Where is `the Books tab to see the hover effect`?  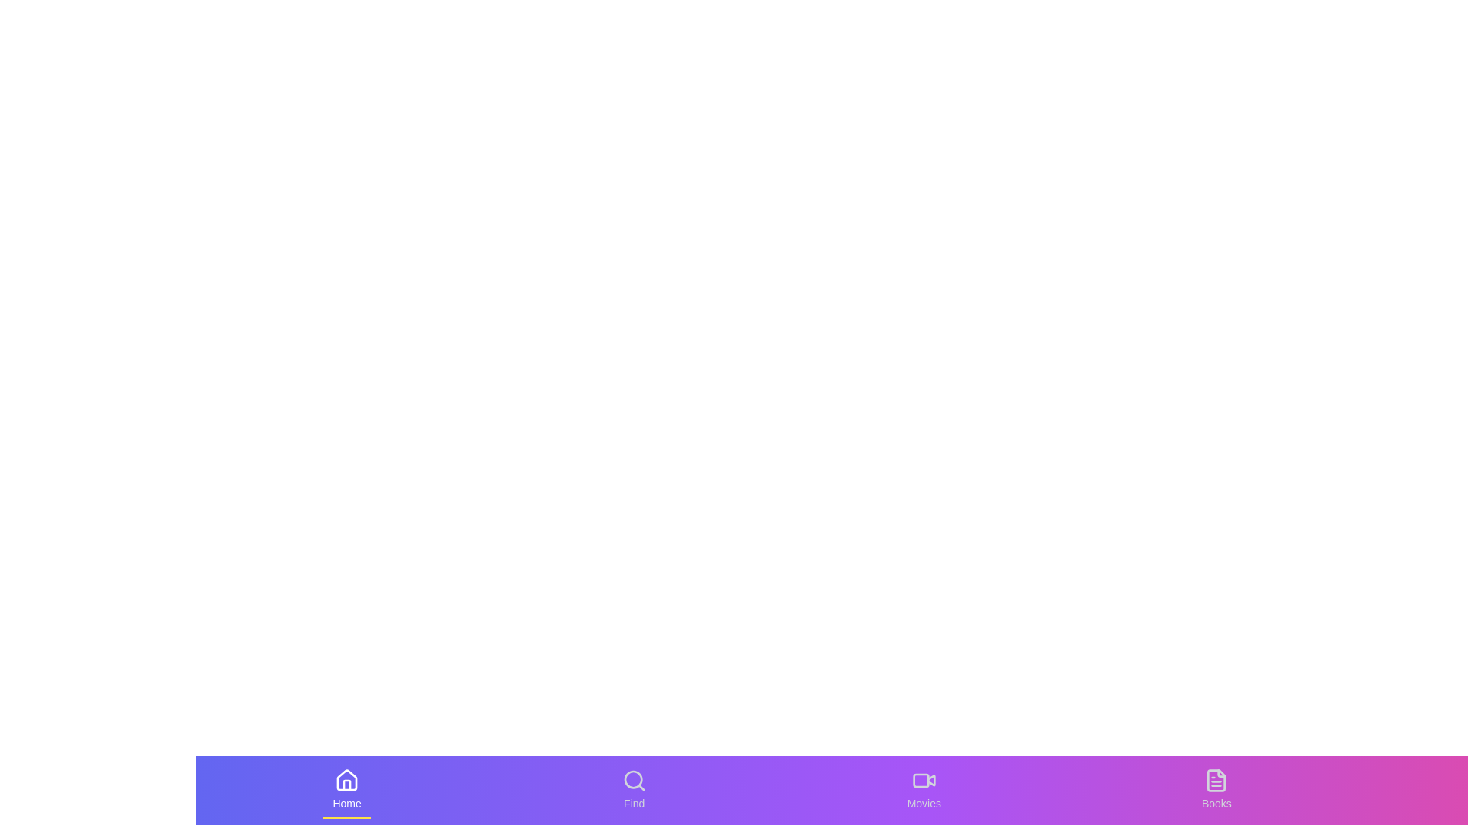
the Books tab to see the hover effect is located at coordinates (1216, 790).